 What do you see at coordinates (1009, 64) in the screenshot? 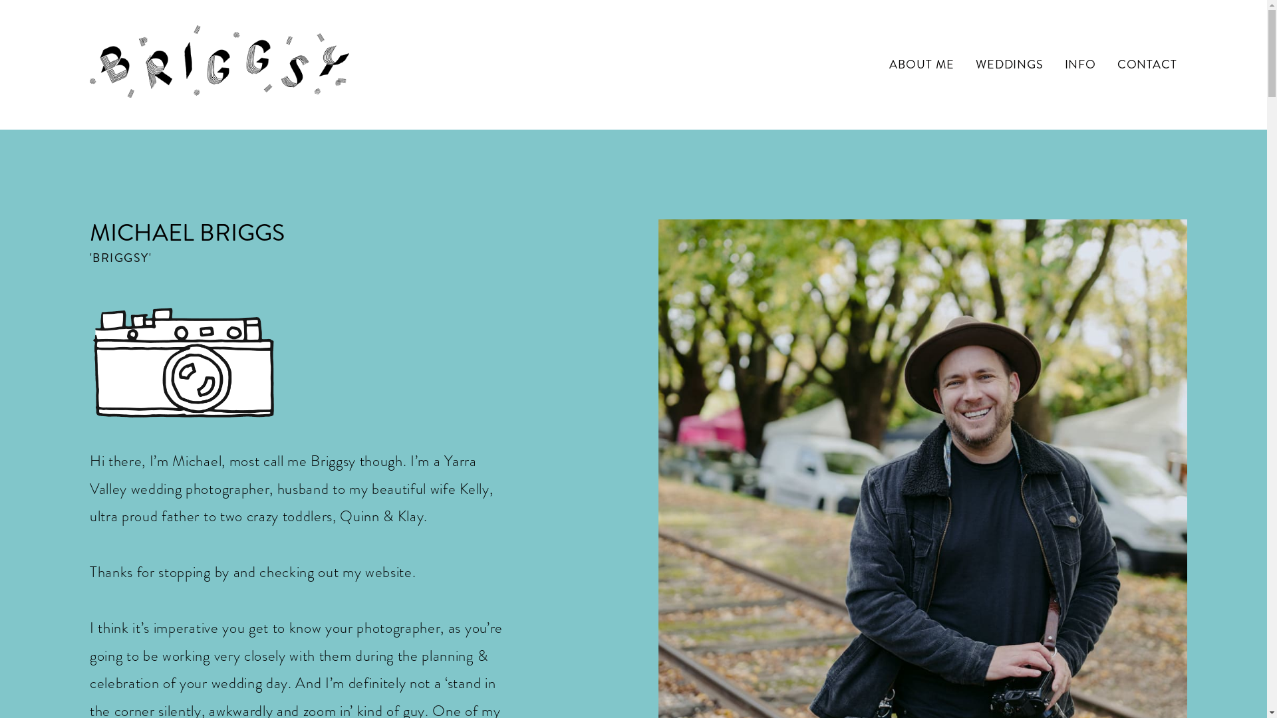
I see `'WEDDINGS'` at bounding box center [1009, 64].